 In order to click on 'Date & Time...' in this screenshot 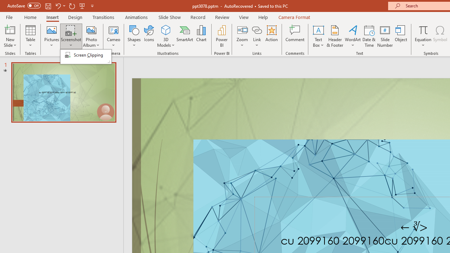, I will do `click(369, 36)`.